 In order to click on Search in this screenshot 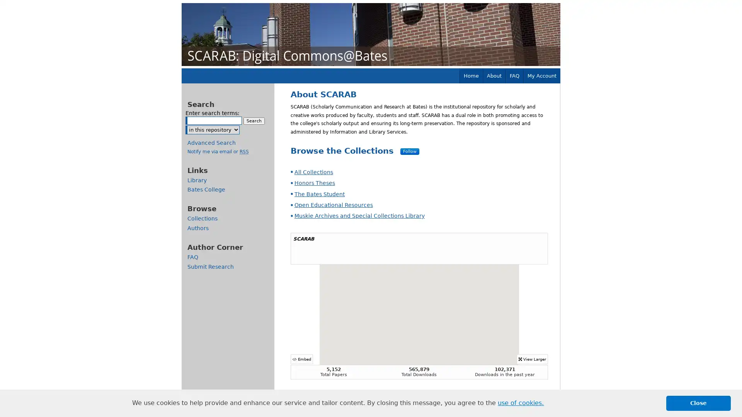, I will do `click(254, 121)`.